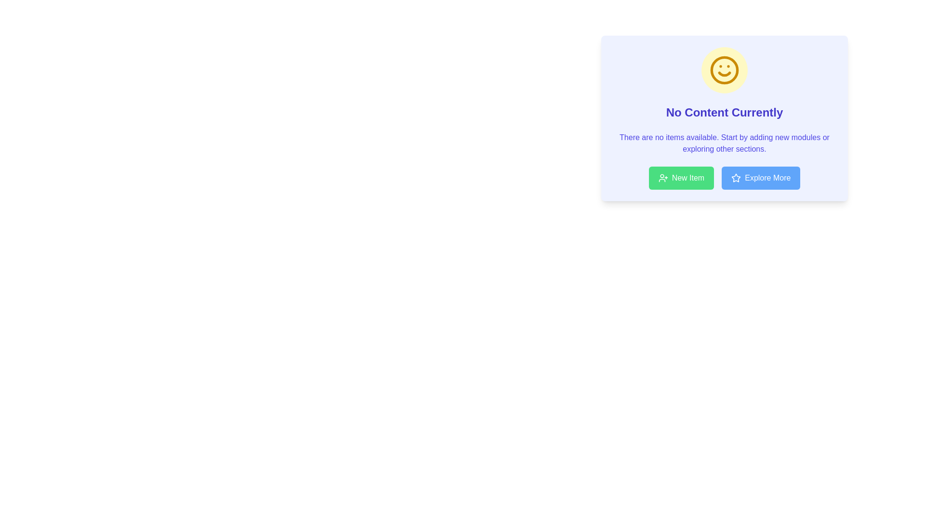 The image size is (925, 520). What do you see at coordinates (681, 178) in the screenshot?
I see `the green 'New Item' button, which has a user icon with a plus sign and is located below the message 'No Content Currently'` at bounding box center [681, 178].